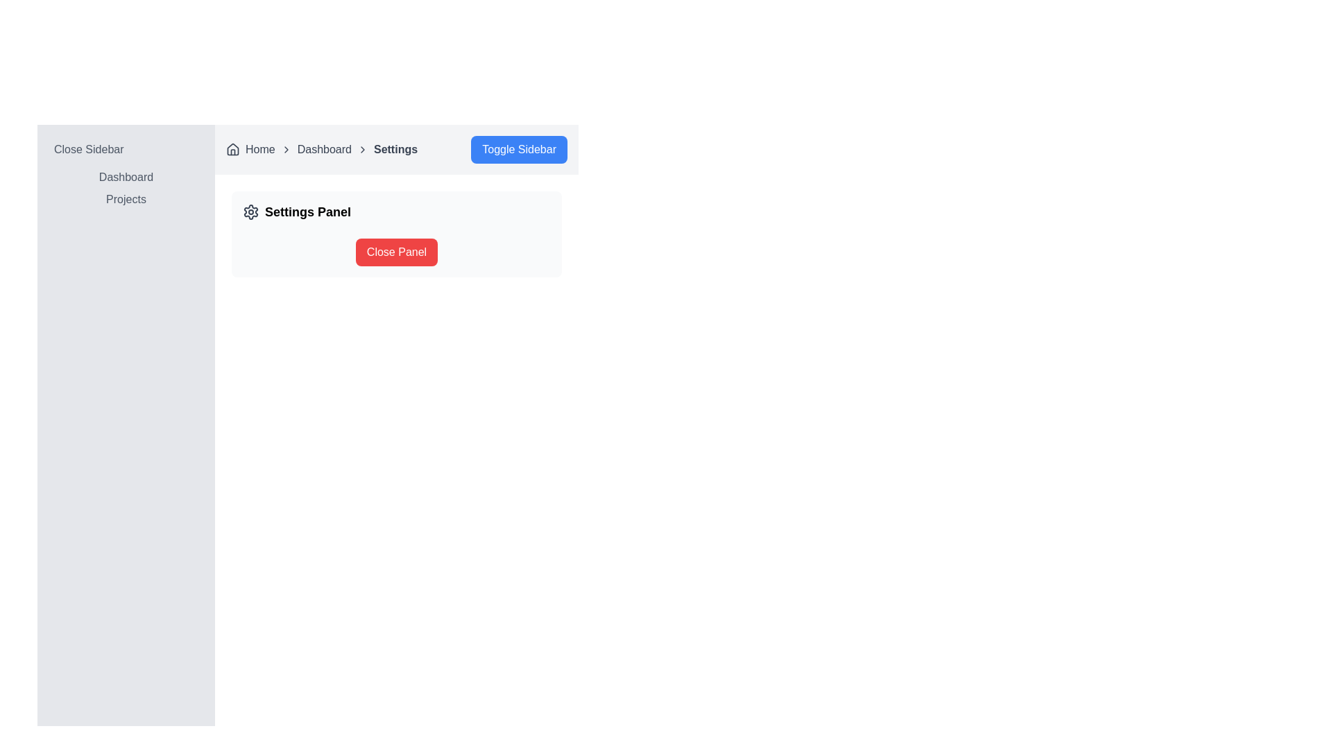 The height and width of the screenshot is (749, 1332). I want to click on the 'Projects' hyperlink located in the left sidebar, below the 'Dashboard' item, to change its color, so click(126, 199).